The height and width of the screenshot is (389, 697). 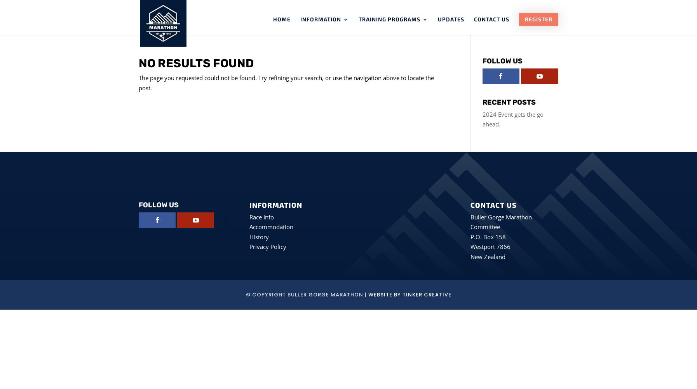 What do you see at coordinates (138, 82) in the screenshot?
I see `'The page you requested could not be found. Try refining your search, or use the navigation above to locate the post.'` at bounding box center [138, 82].